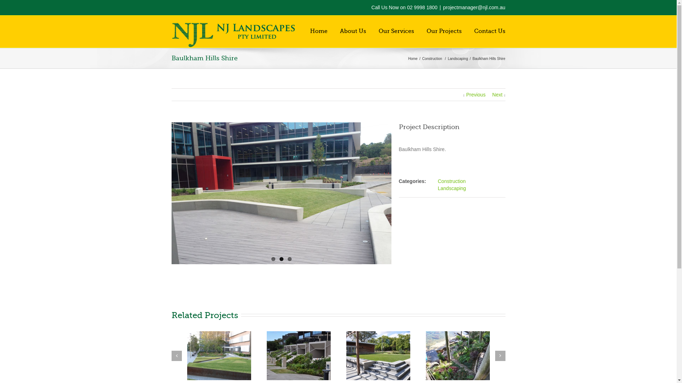  What do you see at coordinates (426, 30) in the screenshot?
I see `'Our Projects'` at bounding box center [426, 30].